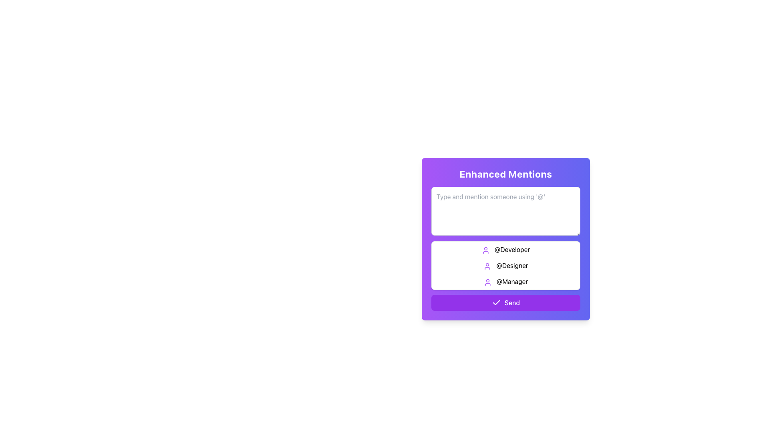 The image size is (769, 432). Describe the element at coordinates (505, 249) in the screenshot. I see `the selectable list item labeled '@Developer' which is the first item in the 'Enhanced Mentions' popup` at that location.